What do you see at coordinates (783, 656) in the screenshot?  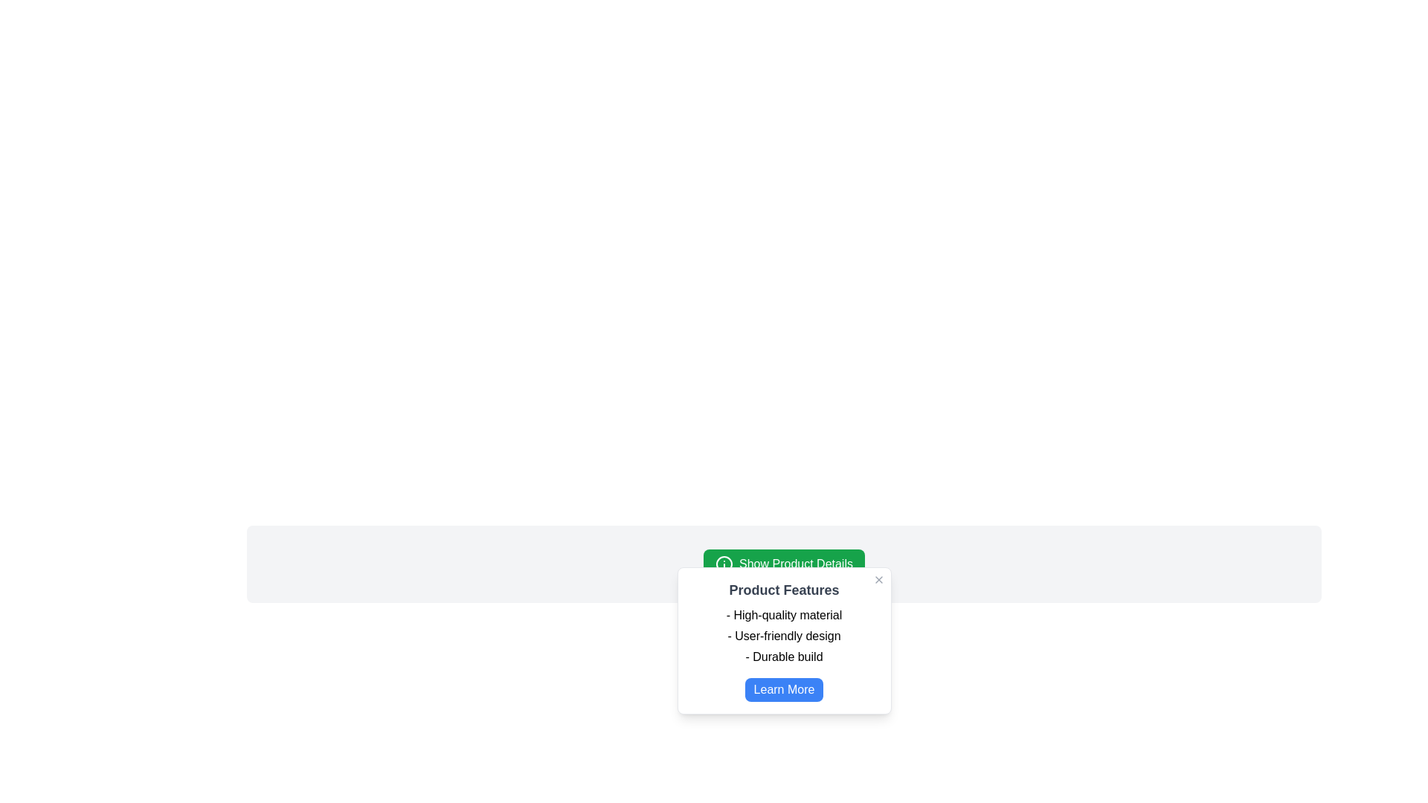 I see `the informational text element that specifies a feature or characteristic within the modal dialog titled 'Product Features', which is the third item listed below '- High-quality material' and '- User-friendly design'` at bounding box center [783, 656].